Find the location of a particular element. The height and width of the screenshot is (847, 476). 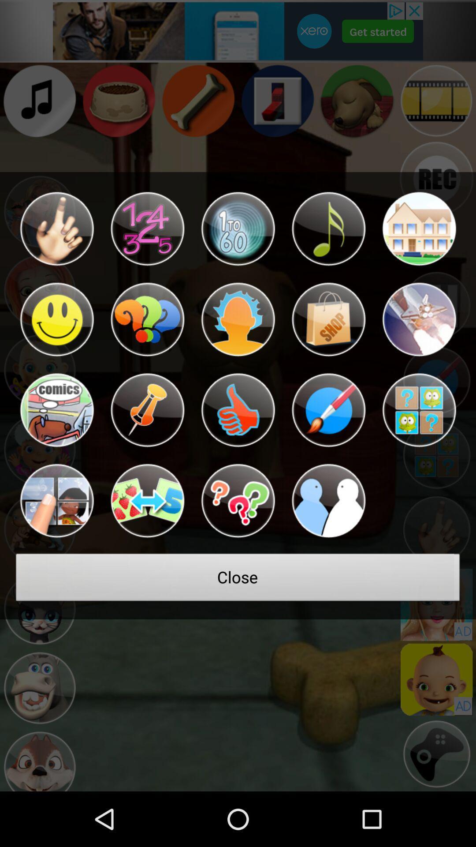

the edit icon is located at coordinates (328, 439).